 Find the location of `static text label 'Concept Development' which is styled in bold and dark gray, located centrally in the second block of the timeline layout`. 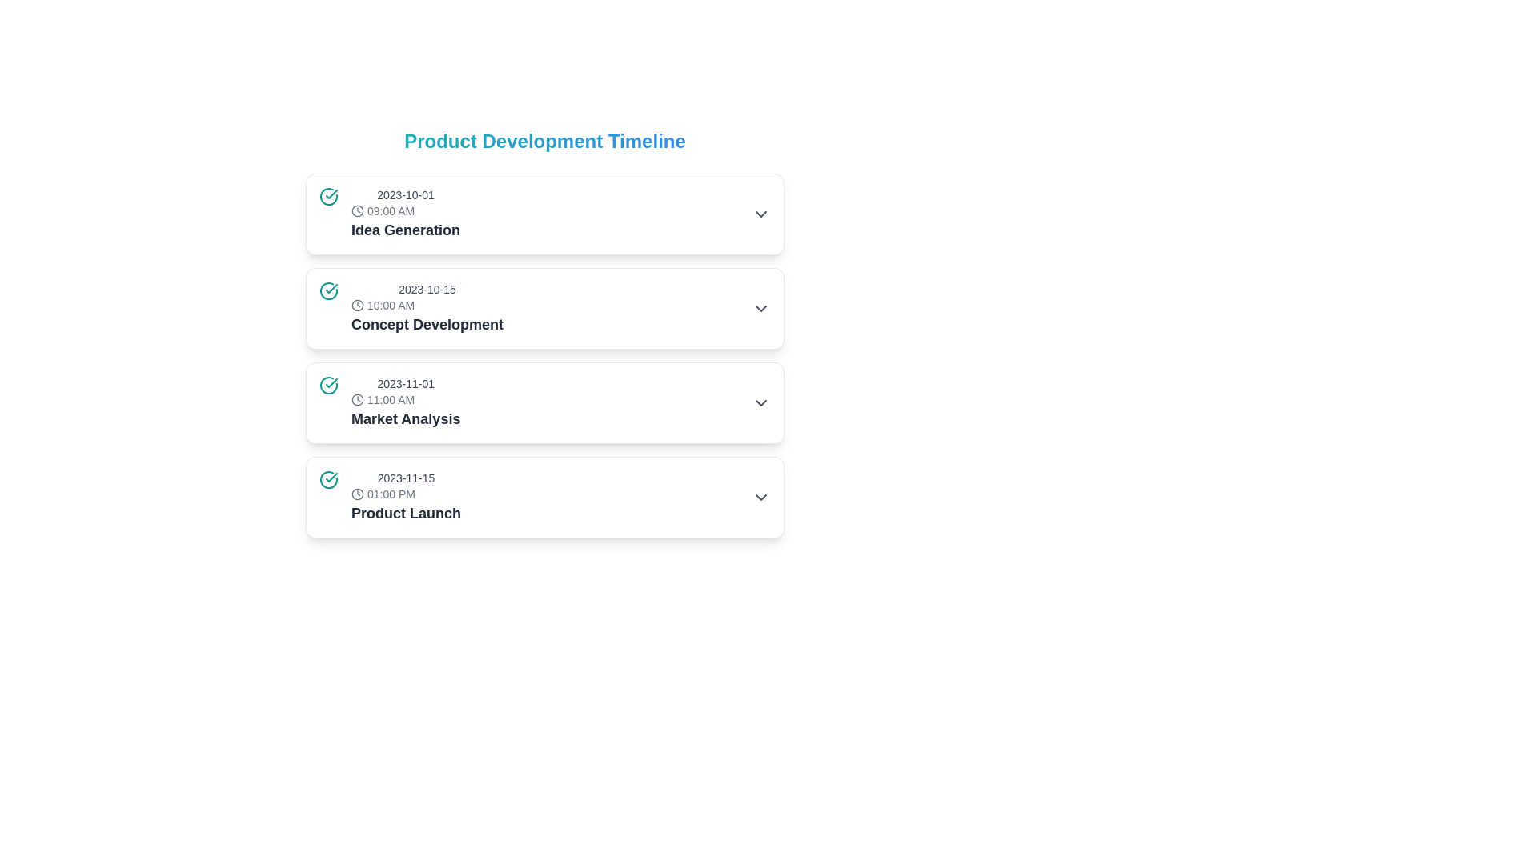

static text label 'Concept Development' which is styled in bold and dark gray, located centrally in the second block of the timeline layout is located at coordinates (427, 324).